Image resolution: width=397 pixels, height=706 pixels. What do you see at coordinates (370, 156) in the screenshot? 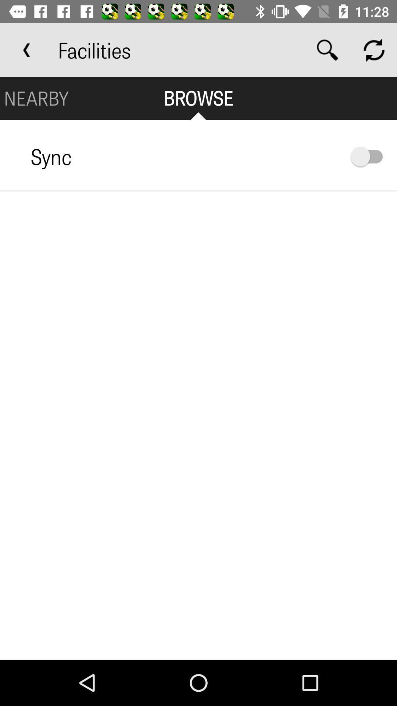
I see `turn sync on` at bounding box center [370, 156].